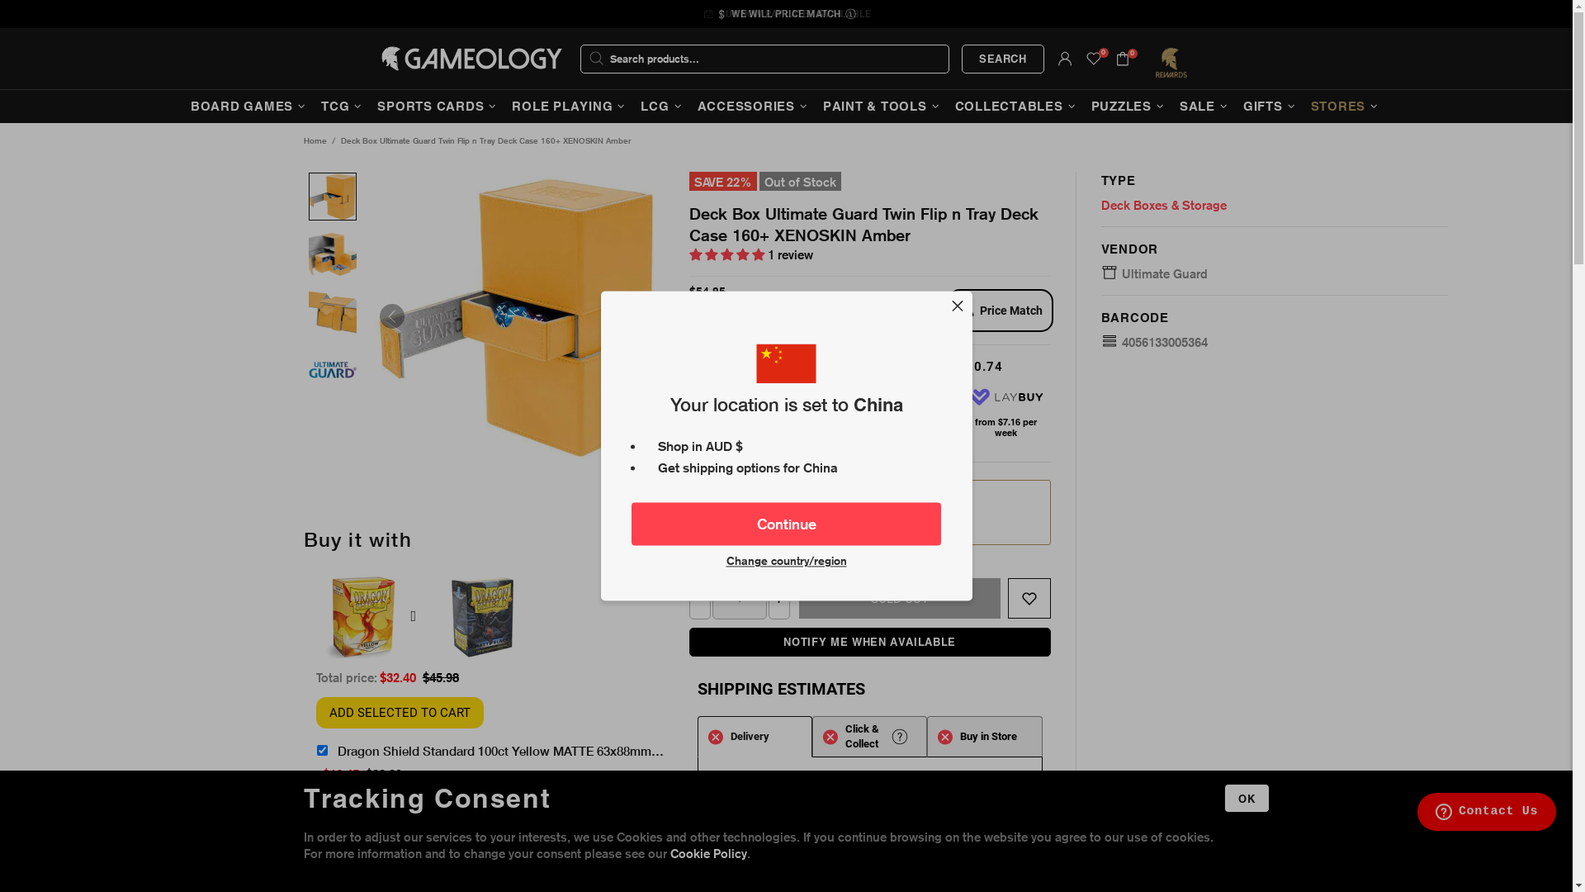 Image resolution: width=1585 pixels, height=892 pixels. Describe the element at coordinates (754, 735) in the screenshot. I see `'Delivery'` at that location.